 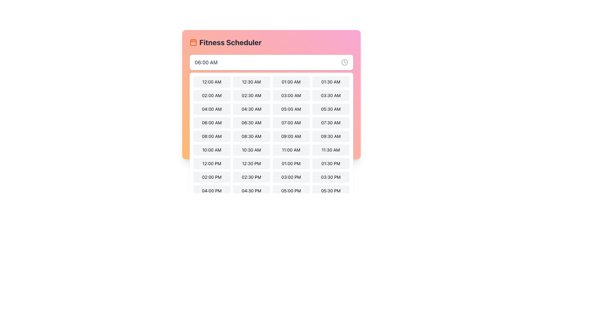 I want to click on the button displaying '01:30 PM' in black on a light gray background, so click(x=330, y=163).